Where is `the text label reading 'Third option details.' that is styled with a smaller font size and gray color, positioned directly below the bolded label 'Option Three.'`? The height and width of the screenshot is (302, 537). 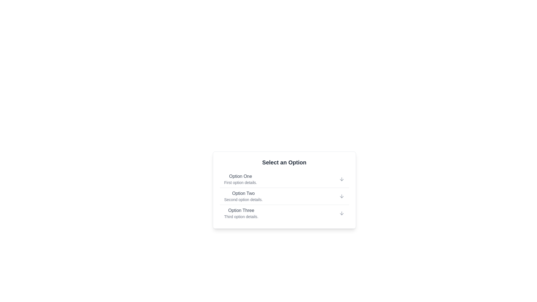 the text label reading 'Third option details.' that is styled with a smaller font size and gray color, positioned directly below the bolded label 'Option Three.' is located at coordinates (241, 216).